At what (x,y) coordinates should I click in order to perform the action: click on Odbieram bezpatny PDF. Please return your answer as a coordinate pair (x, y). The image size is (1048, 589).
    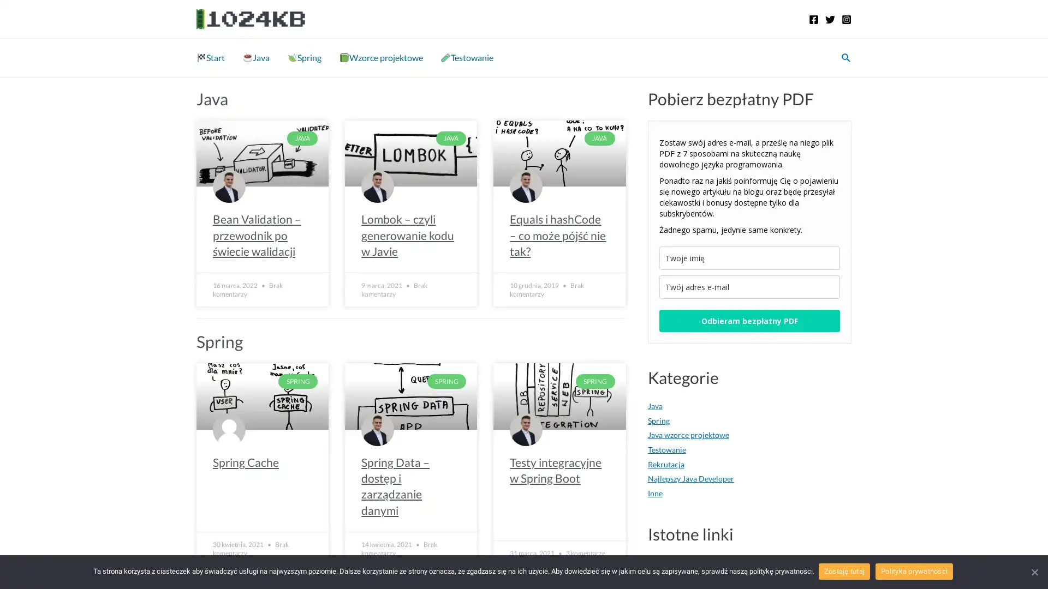
    Looking at the image, I should click on (748, 320).